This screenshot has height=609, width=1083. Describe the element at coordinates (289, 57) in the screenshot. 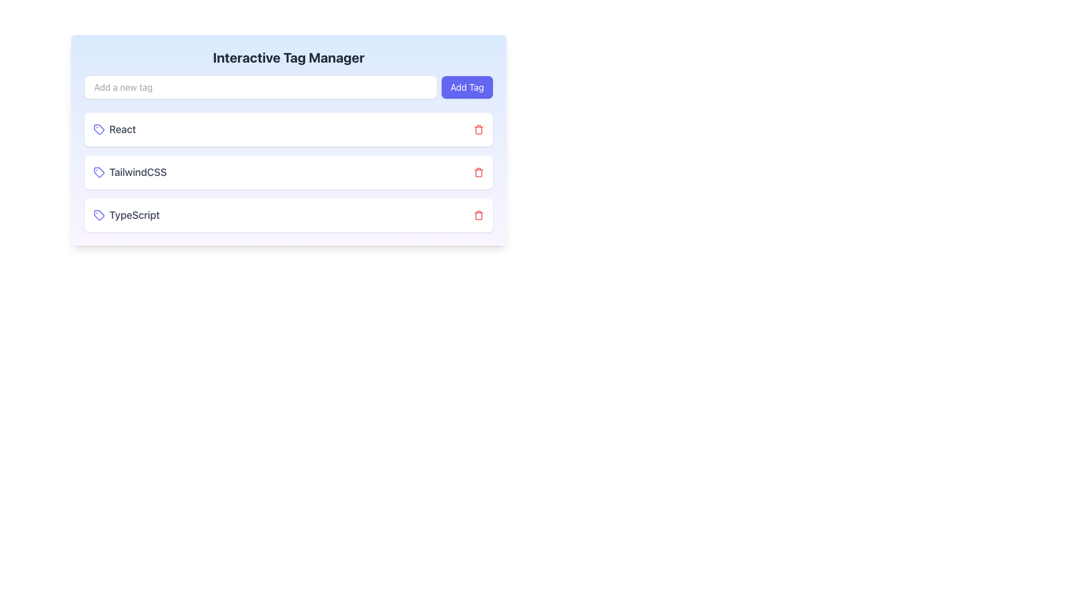

I see `the Heading element that serves as the title for the tag management section, located at the top center of the interface` at that location.